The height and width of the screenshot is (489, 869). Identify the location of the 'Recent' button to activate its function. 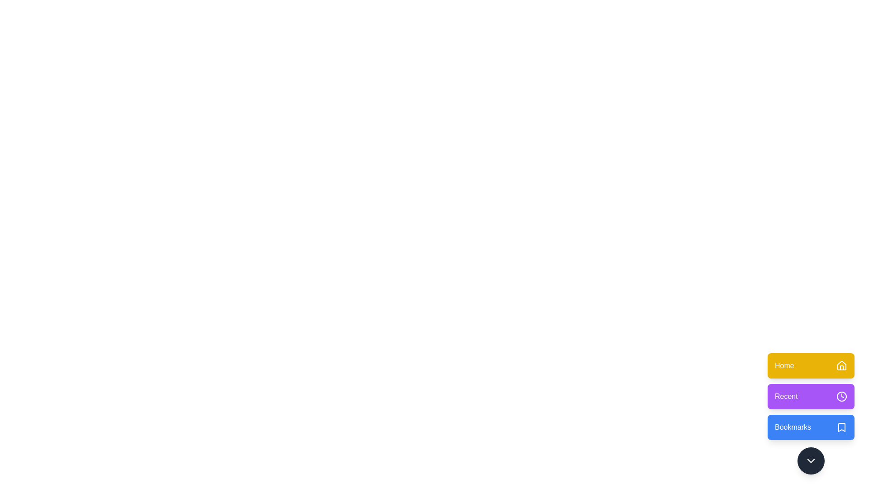
(811, 396).